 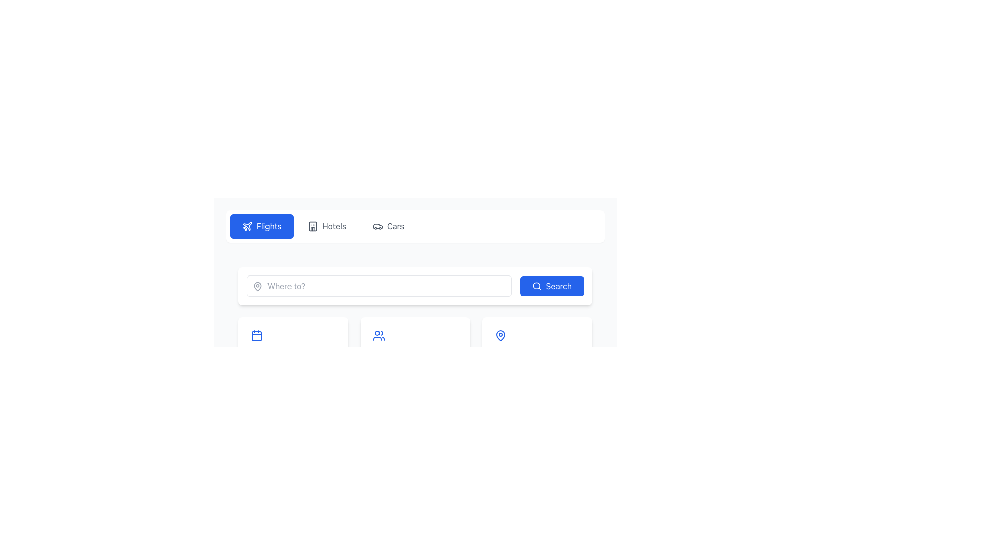 I want to click on the 'Cars' button in the navigation menu, so click(x=388, y=226).